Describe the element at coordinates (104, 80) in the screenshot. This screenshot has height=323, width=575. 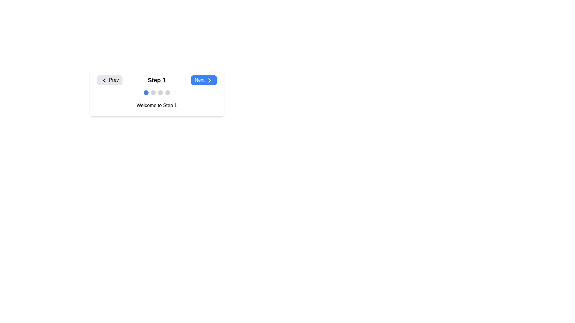
I see `the chevron icon located in the 'Prev' button` at that location.